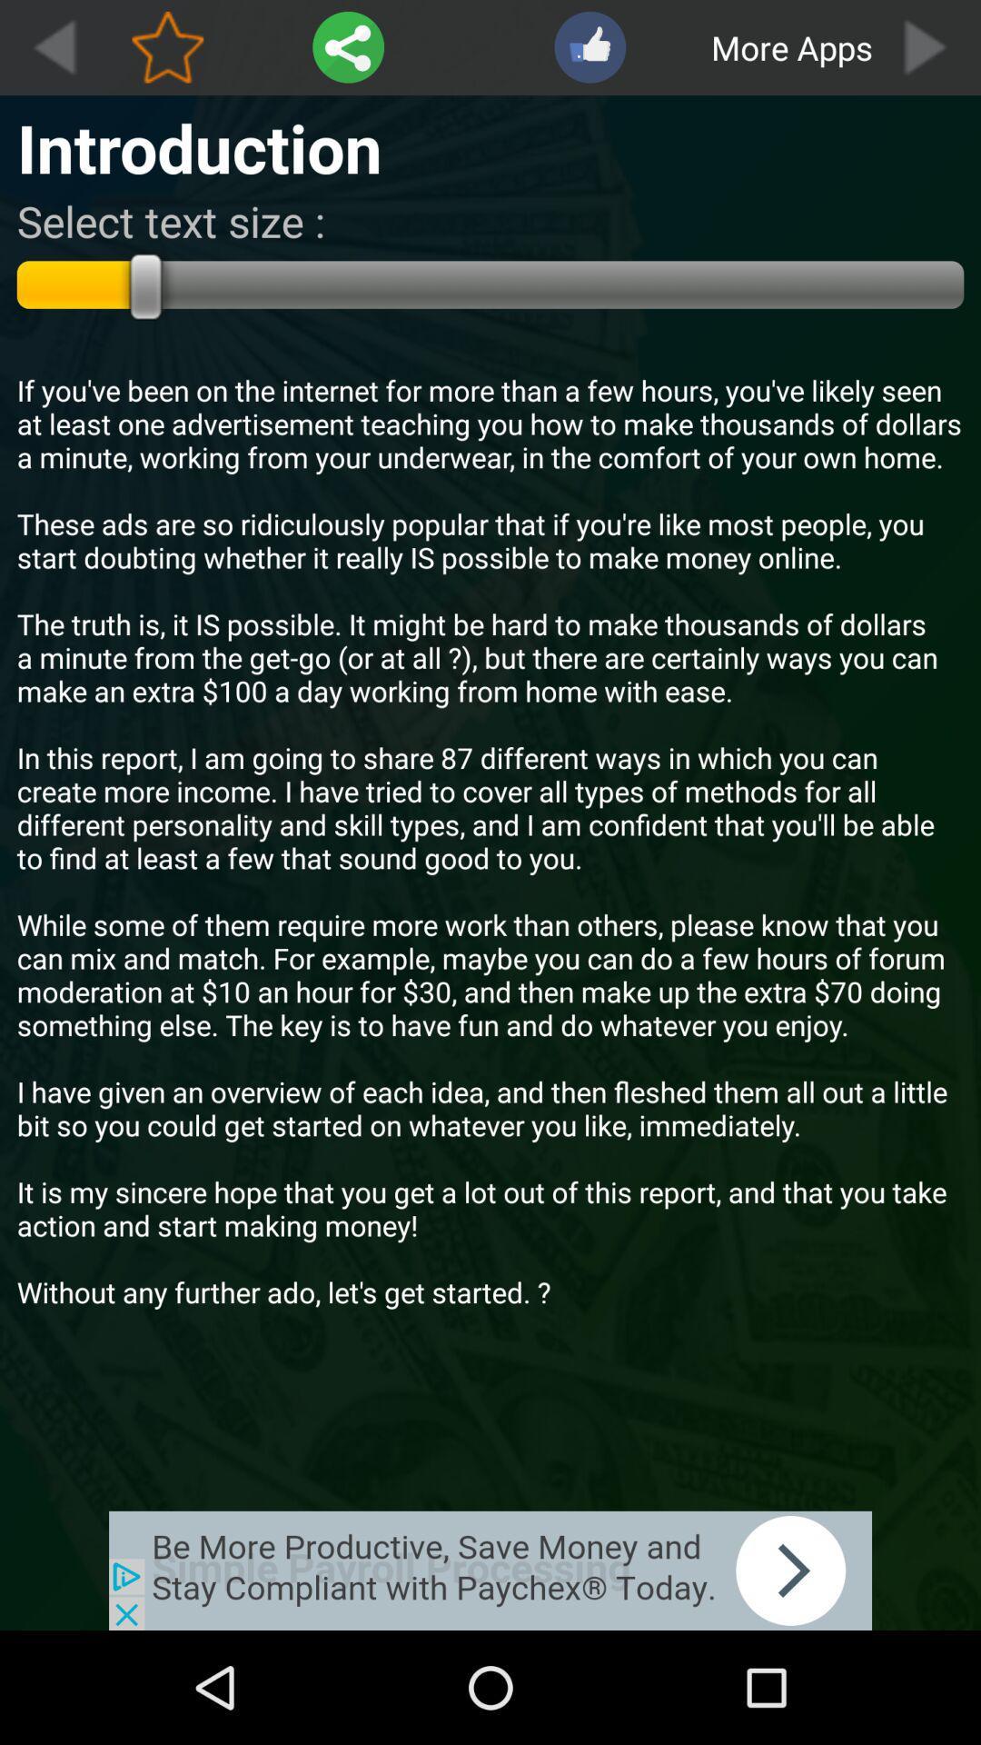 This screenshot has height=1745, width=981. Describe the element at coordinates (590, 47) in the screenshot. I see `like` at that location.